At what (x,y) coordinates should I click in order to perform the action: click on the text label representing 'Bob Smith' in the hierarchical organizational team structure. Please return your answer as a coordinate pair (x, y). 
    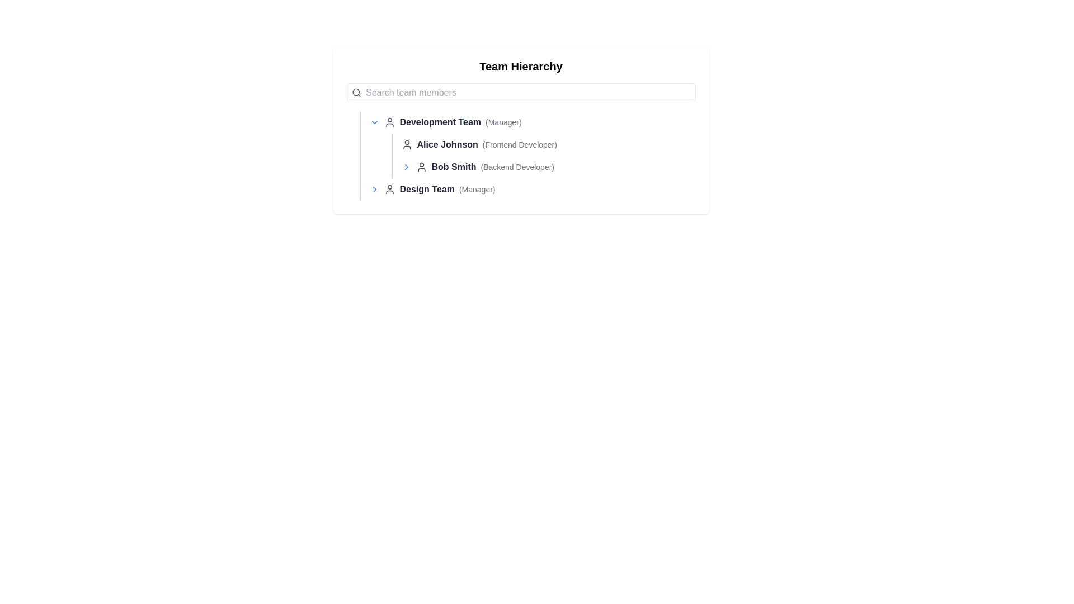
    Looking at the image, I should click on (548, 167).